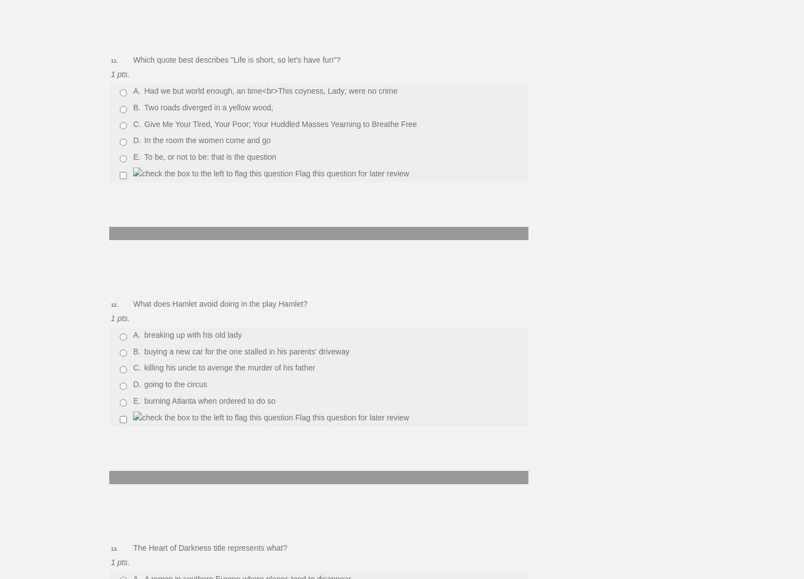 This screenshot has width=804, height=579. I want to click on 'What does Hamlet avoid doing in the play Hamlet?', so click(220, 303).